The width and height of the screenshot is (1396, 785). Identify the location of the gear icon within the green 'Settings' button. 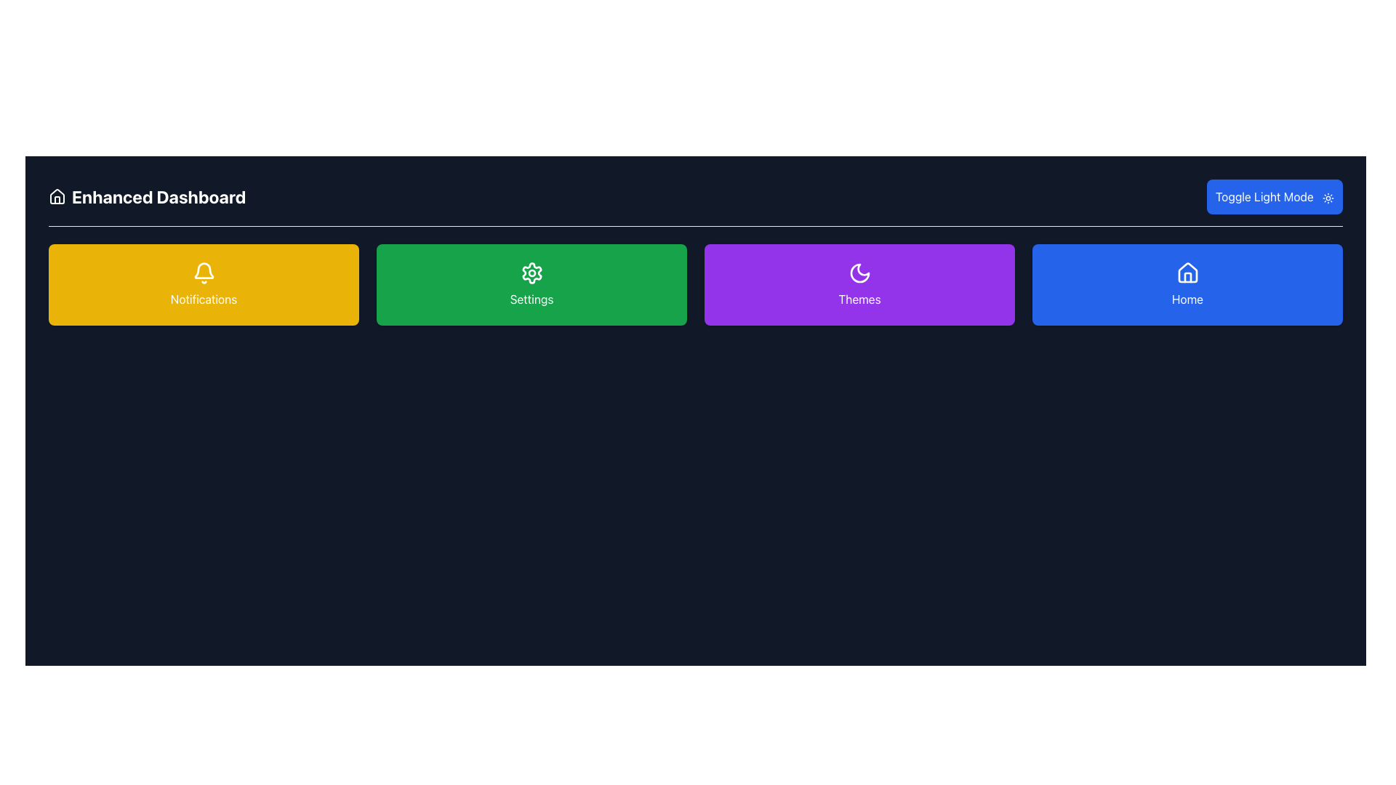
(531, 273).